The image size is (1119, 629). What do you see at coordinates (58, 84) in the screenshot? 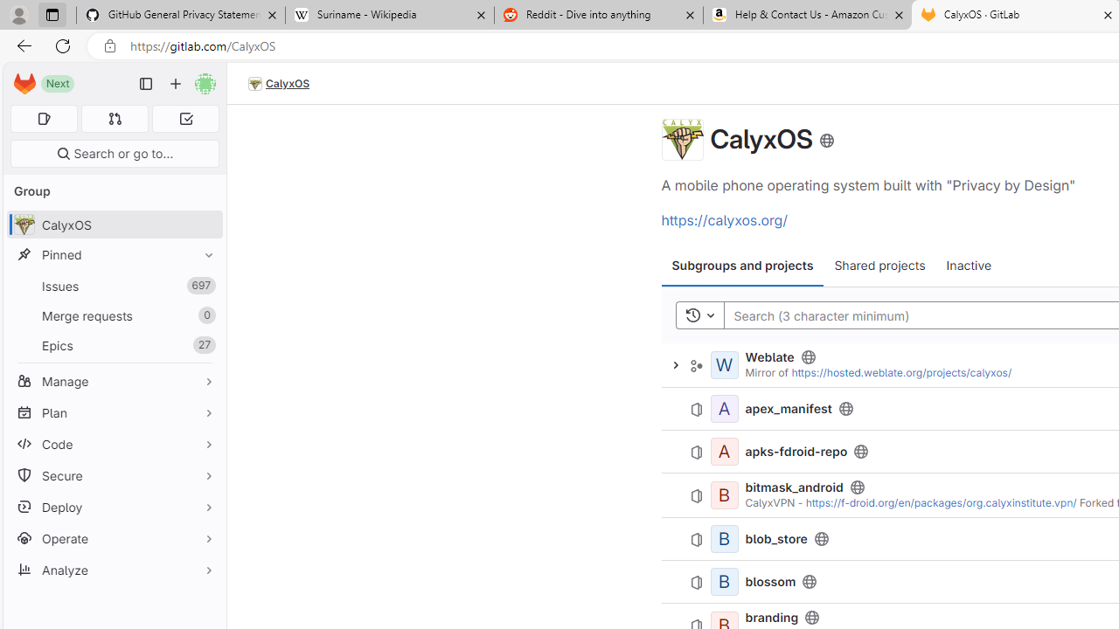
I see `'Next'` at bounding box center [58, 84].